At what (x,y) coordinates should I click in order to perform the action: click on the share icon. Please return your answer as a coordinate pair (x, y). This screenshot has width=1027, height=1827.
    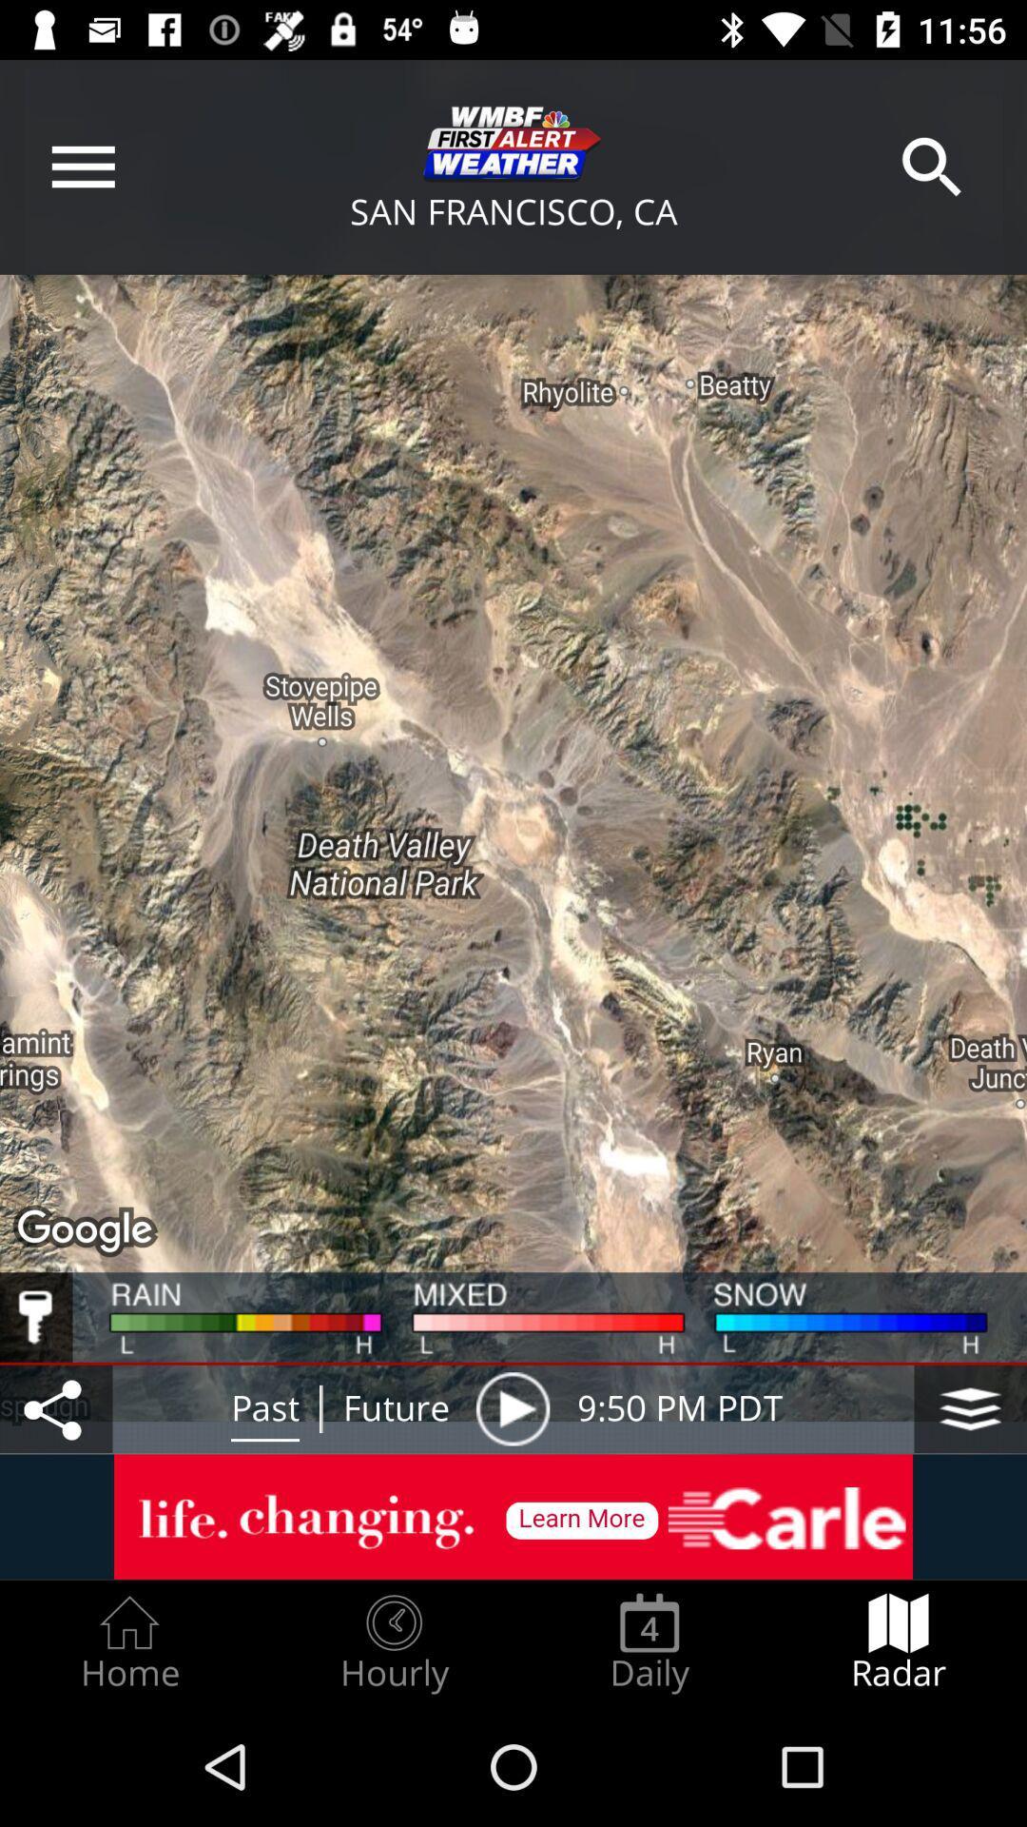
    Looking at the image, I should click on (55, 1408).